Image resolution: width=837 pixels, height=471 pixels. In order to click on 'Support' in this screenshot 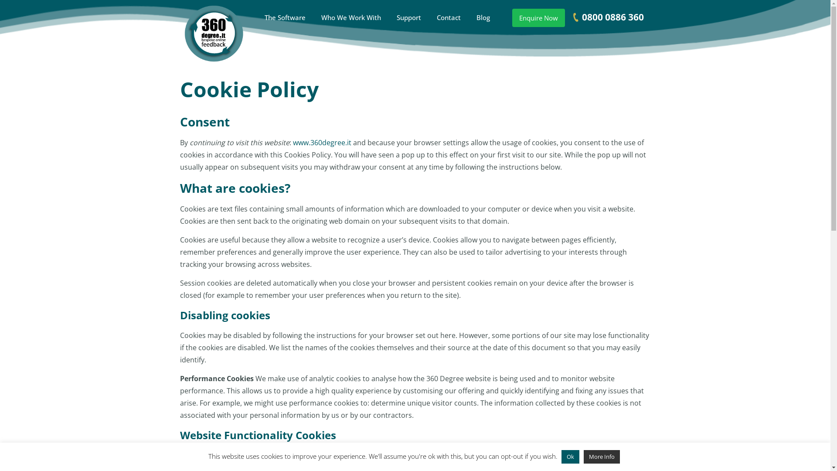, I will do `click(408, 17)`.